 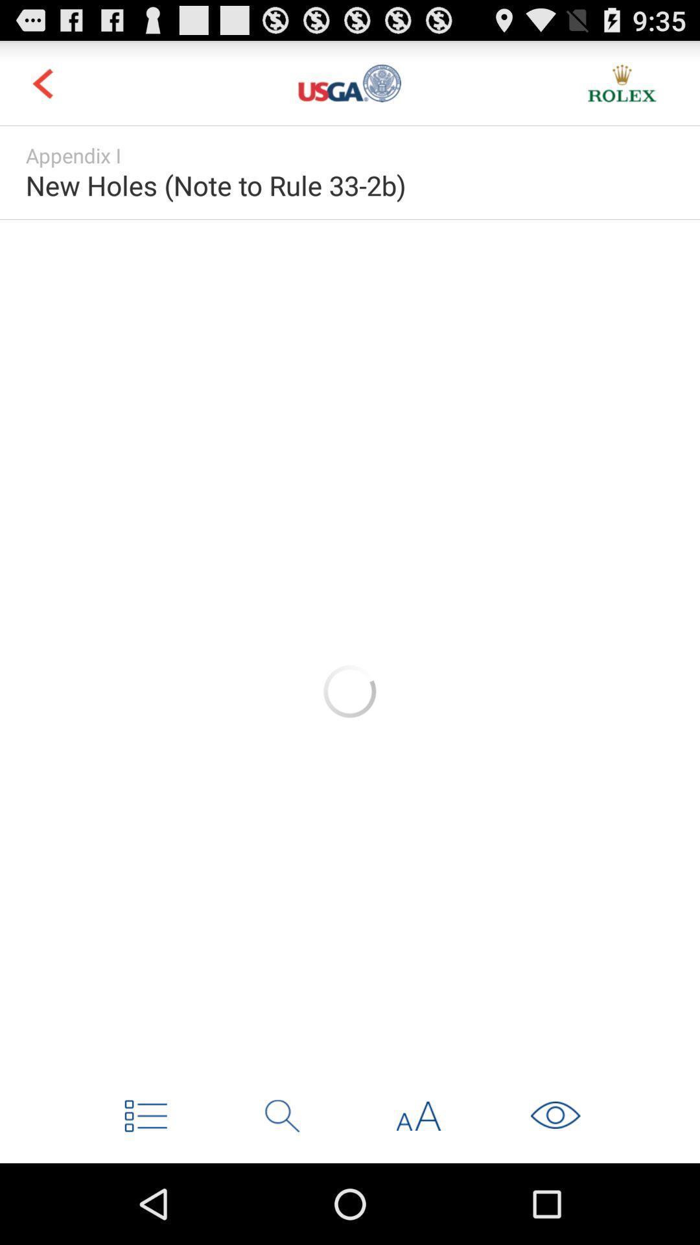 I want to click on advertisement, so click(x=350, y=691).